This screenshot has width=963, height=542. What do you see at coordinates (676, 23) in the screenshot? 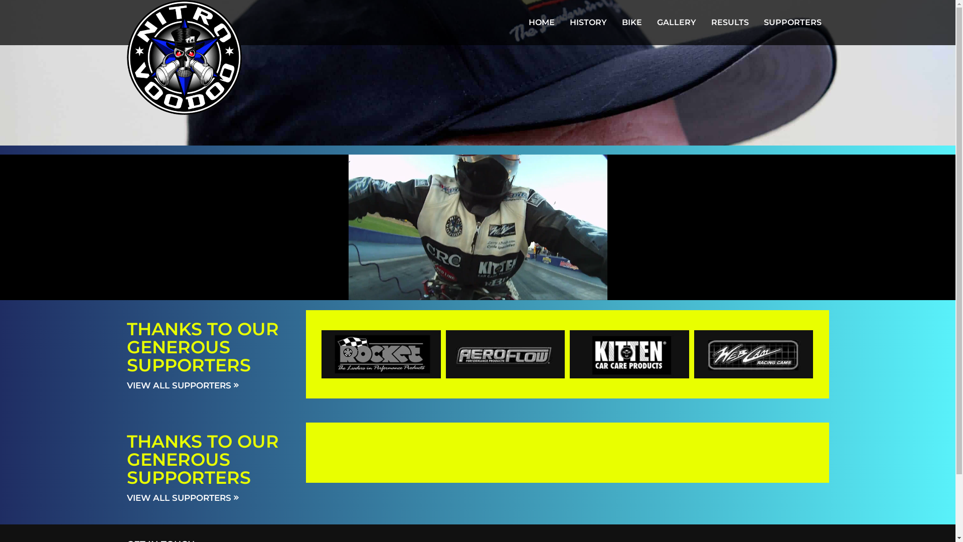
I see `'GALLERY'` at bounding box center [676, 23].